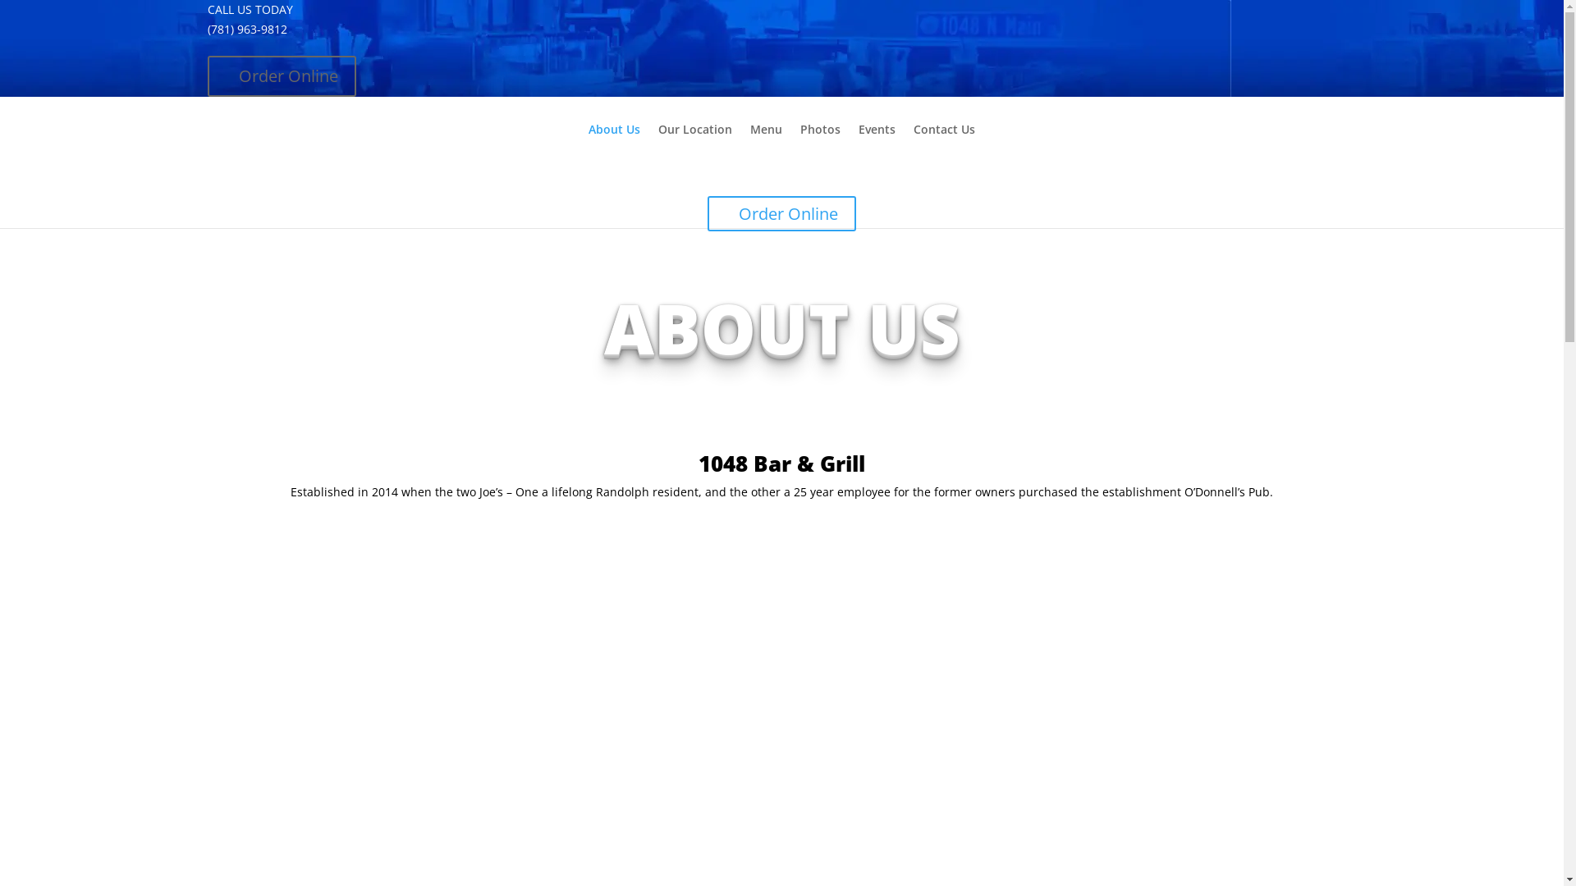  Describe the element at coordinates (749, 142) in the screenshot. I see `'Menu'` at that location.